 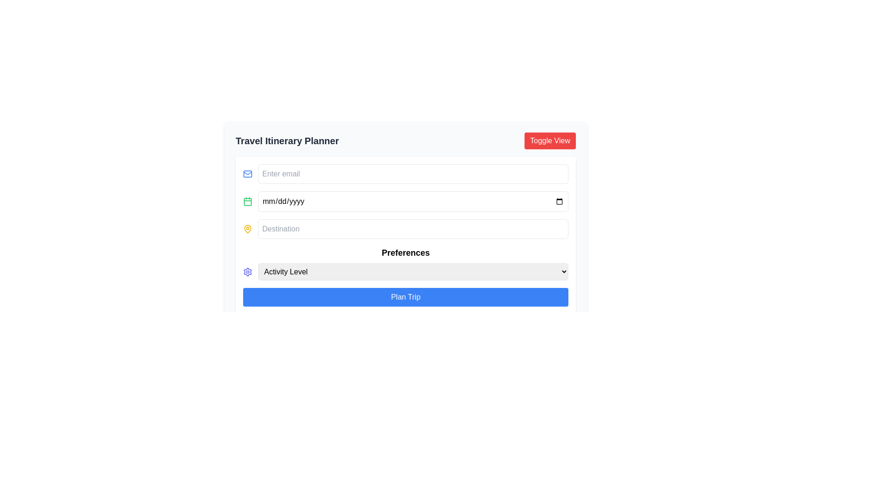 What do you see at coordinates (287, 140) in the screenshot?
I see `the bold text label reading 'Travel Itinerary Planner' located at the top-left side of the interface, next to the 'Toggle View' button` at bounding box center [287, 140].